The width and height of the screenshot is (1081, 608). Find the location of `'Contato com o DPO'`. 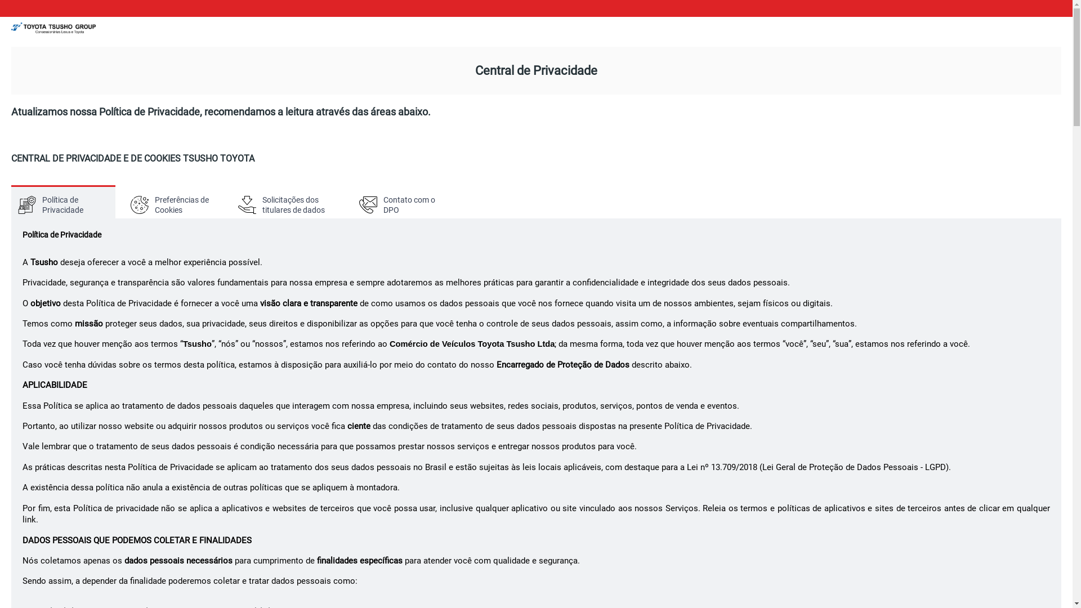

'Contato com o DPO' is located at coordinates (404, 201).